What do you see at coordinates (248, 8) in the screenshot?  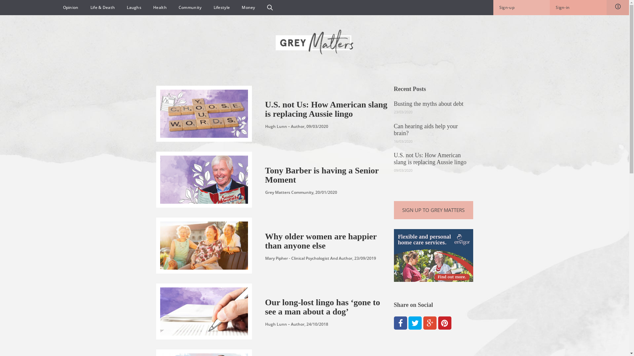 I see `'Money'` at bounding box center [248, 8].